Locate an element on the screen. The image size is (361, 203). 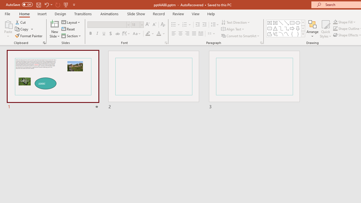
'Review' is located at coordinates (178, 14).